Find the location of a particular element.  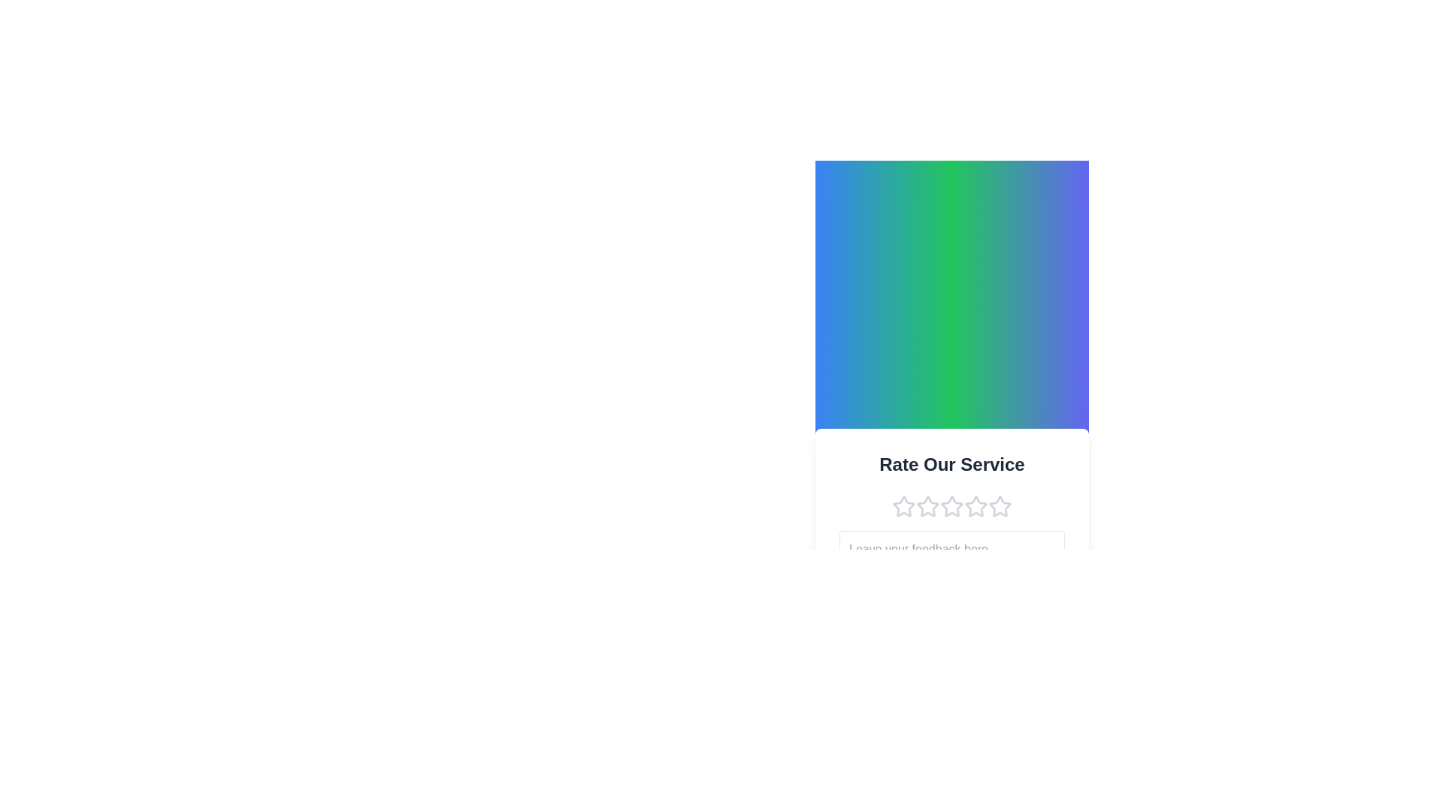

the second star in the star rating component is located at coordinates (927, 506).